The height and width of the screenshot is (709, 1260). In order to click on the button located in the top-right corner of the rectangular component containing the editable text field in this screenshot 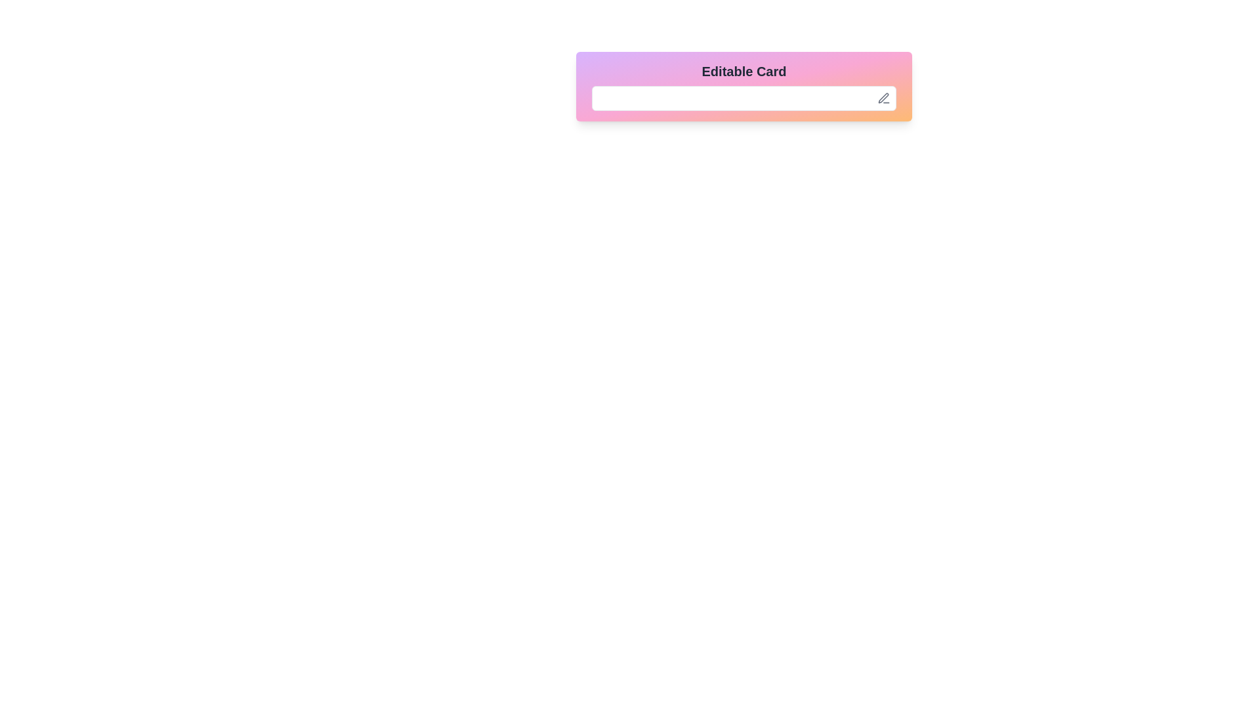, I will do `click(883, 97)`.